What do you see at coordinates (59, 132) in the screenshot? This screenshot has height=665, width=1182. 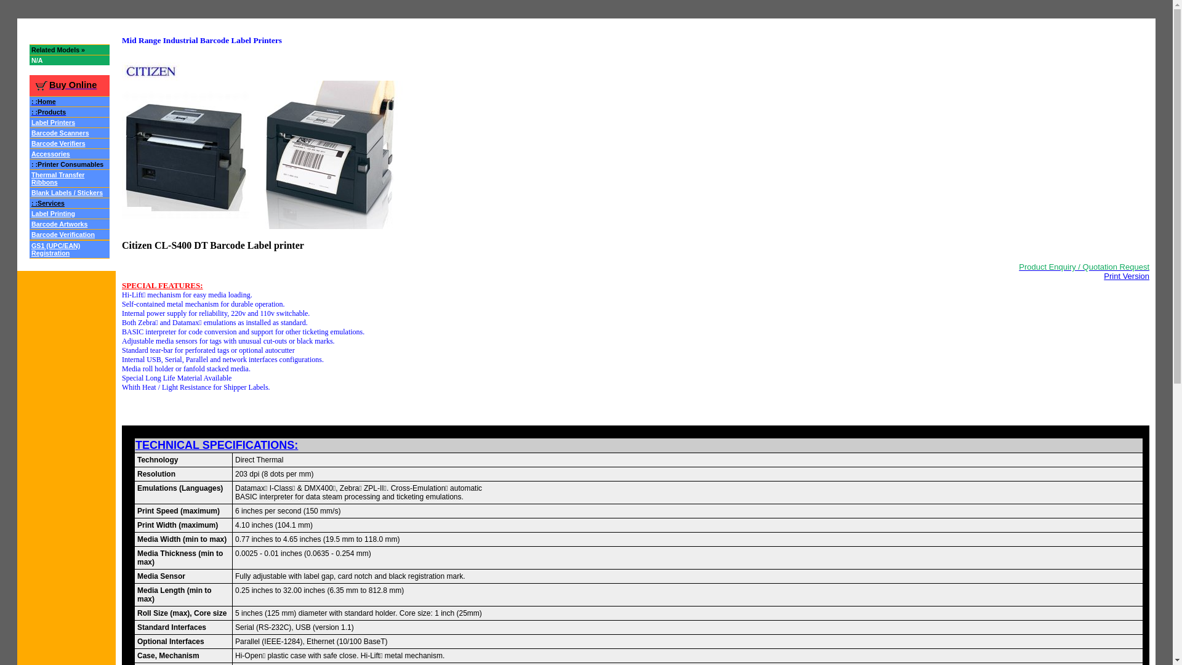 I see `'Barcode Scanners'` at bounding box center [59, 132].